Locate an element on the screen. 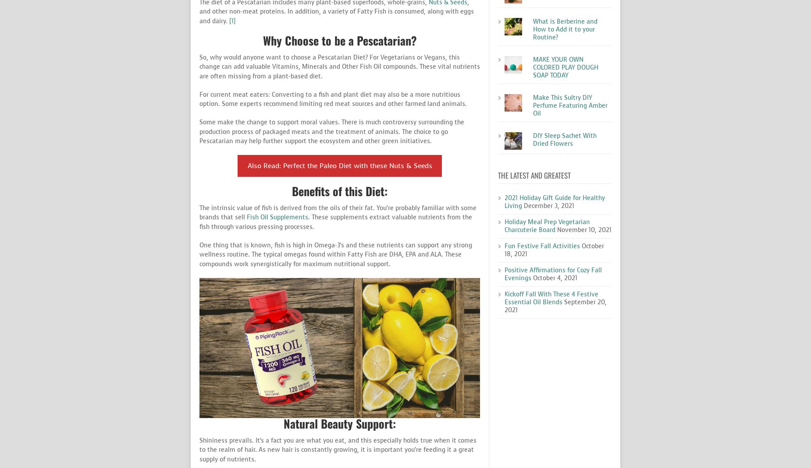 This screenshot has height=468, width=811. 'October 4, 2021' is located at coordinates (555, 278).